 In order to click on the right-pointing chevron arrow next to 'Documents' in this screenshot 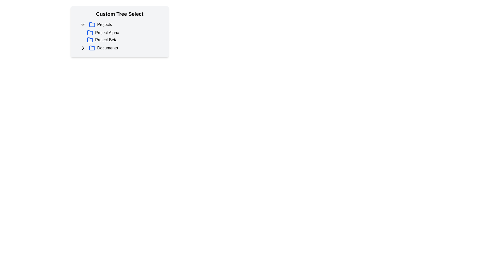, I will do `click(83, 48)`.